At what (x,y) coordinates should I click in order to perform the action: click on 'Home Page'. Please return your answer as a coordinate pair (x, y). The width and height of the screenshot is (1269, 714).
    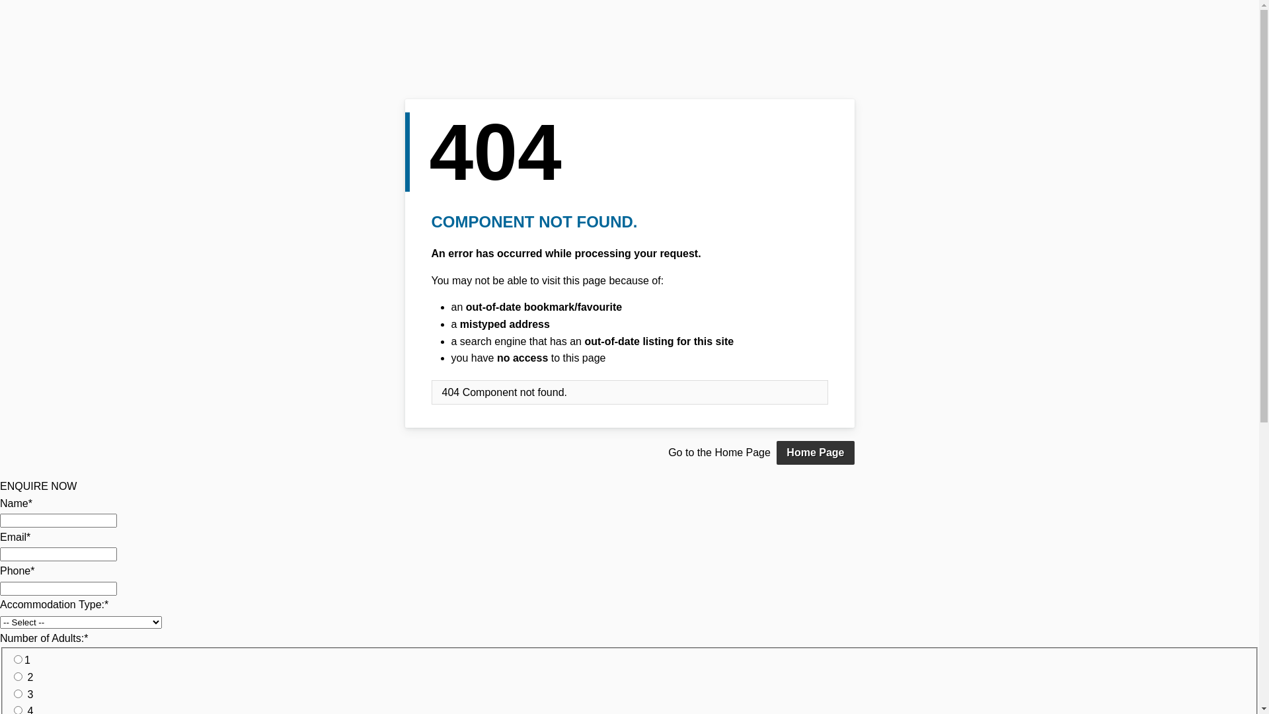
    Looking at the image, I should click on (814, 452).